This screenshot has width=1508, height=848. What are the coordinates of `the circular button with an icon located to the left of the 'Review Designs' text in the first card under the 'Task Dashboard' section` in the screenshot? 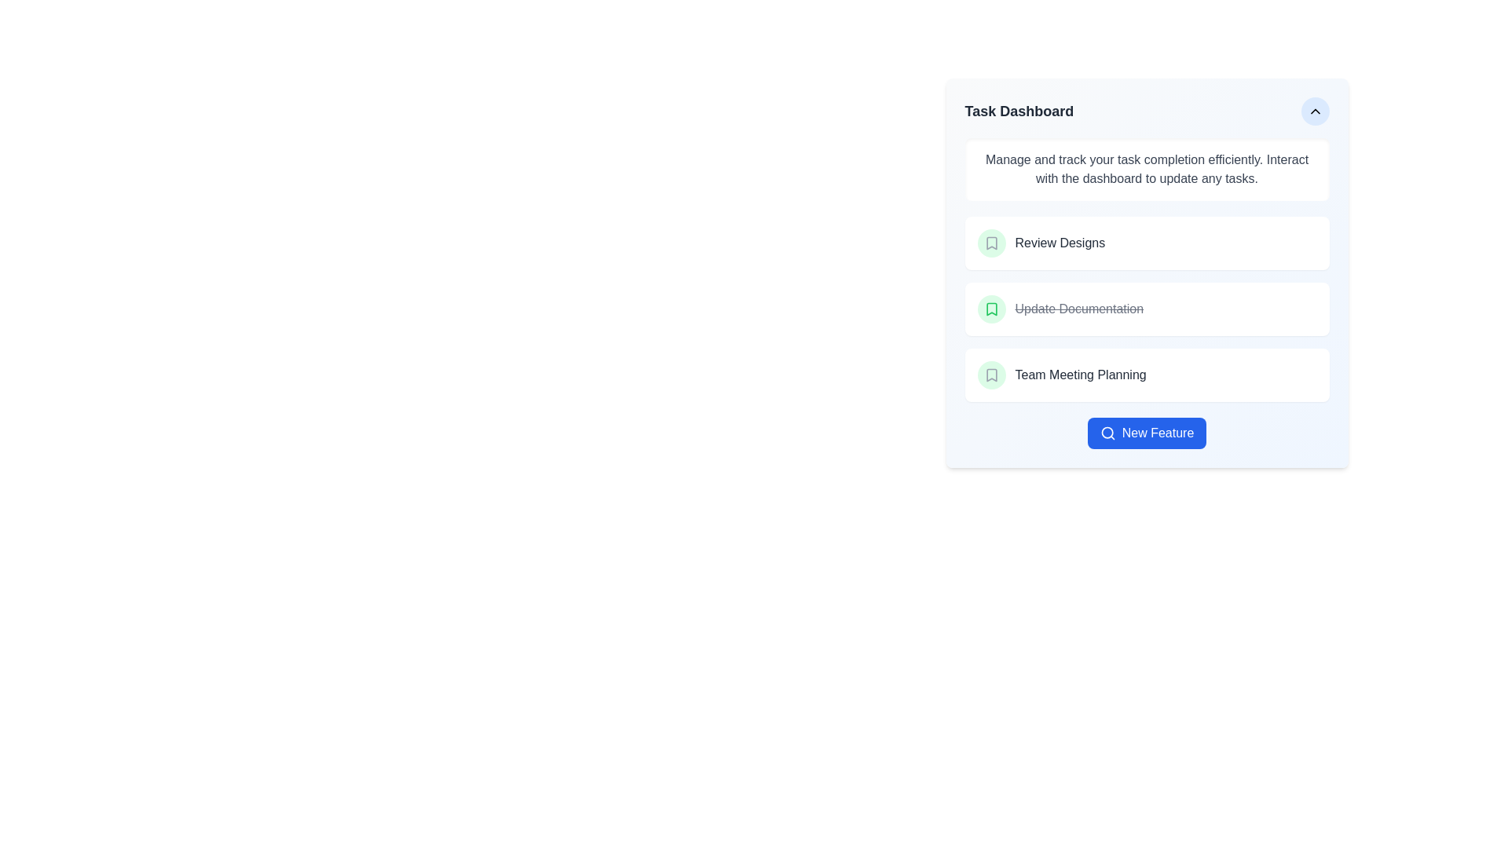 It's located at (990, 243).